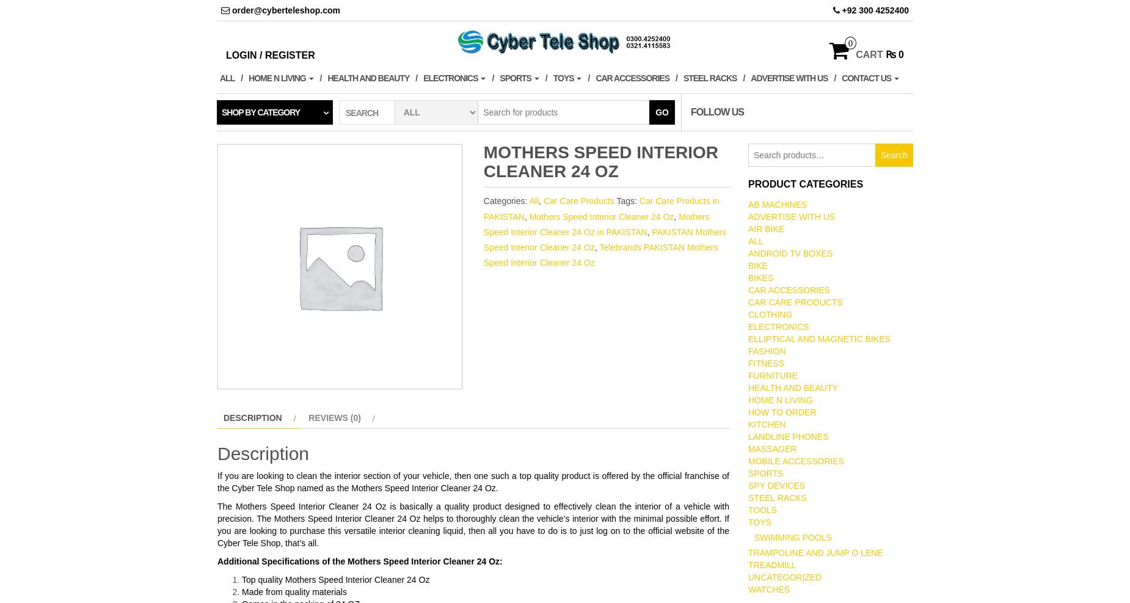 The width and height of the screenshot is (1130, 603). What do you see at coordinates (506, 200) in the screenshot?
I see `'Categories:'` at bounding box center [506, 200].